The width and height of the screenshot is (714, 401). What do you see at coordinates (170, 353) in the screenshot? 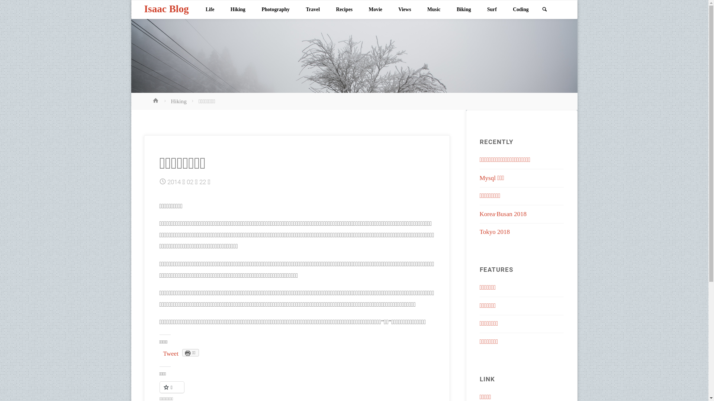
I see `'Tweet'` at bounding box center [170, 353].